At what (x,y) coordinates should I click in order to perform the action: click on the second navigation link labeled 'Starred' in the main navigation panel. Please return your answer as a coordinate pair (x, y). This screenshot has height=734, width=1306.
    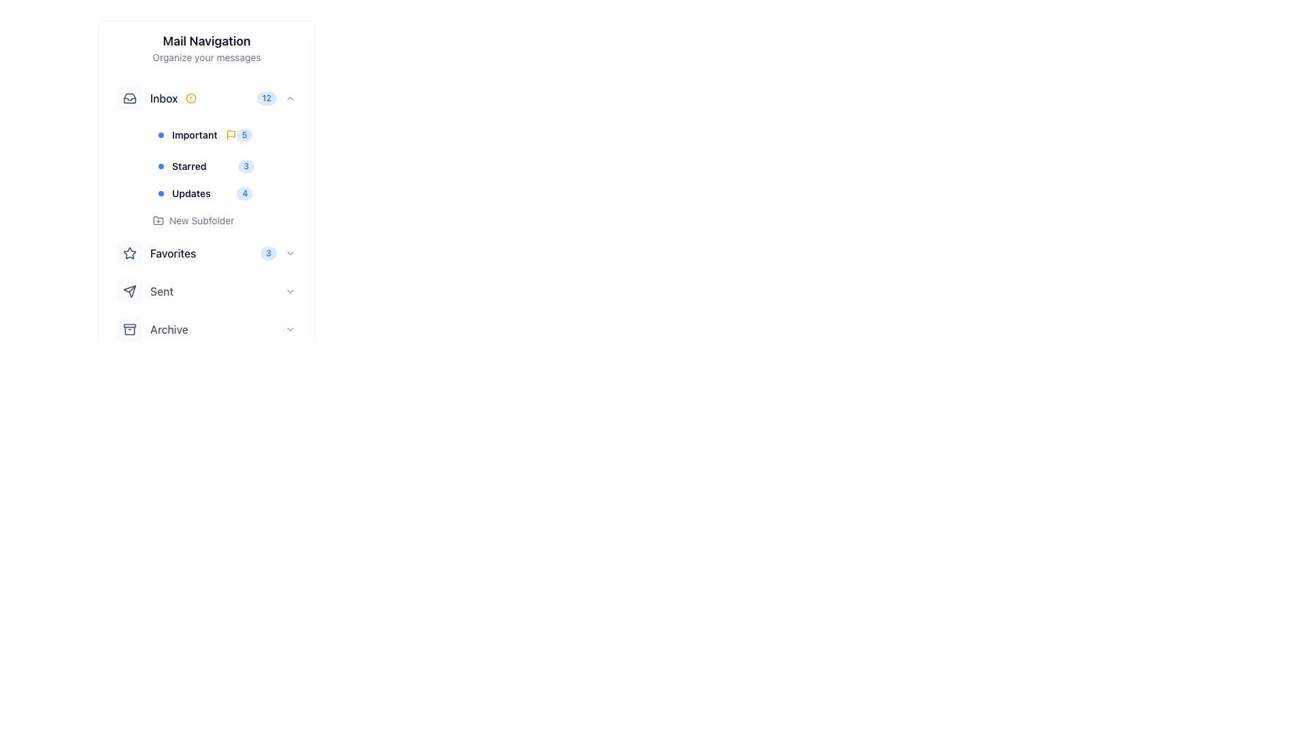
    Looking at the image, I should click on (222, 166).